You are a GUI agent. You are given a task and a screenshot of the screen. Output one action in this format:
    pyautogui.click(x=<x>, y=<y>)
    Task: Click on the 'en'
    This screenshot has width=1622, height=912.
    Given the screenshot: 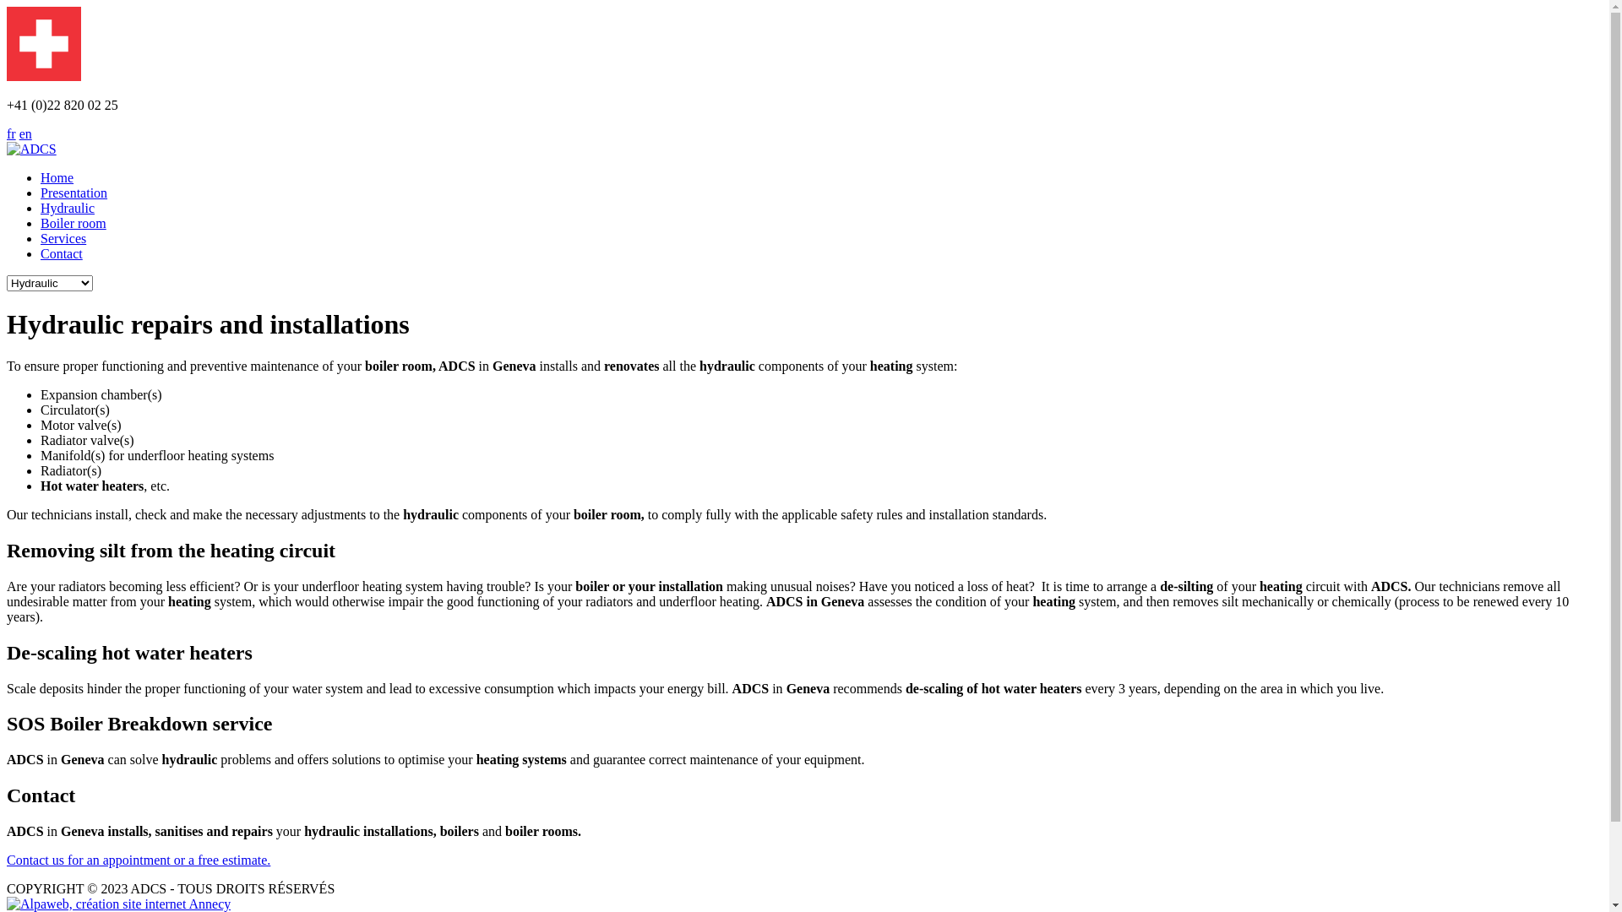 What is the action you would take?
    pyautogui.click(x=25, y=133)
    